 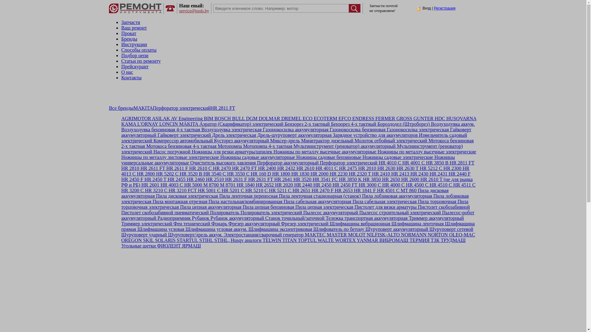 I want to click on 'HR 5202 C', so click(x=167, y=174).